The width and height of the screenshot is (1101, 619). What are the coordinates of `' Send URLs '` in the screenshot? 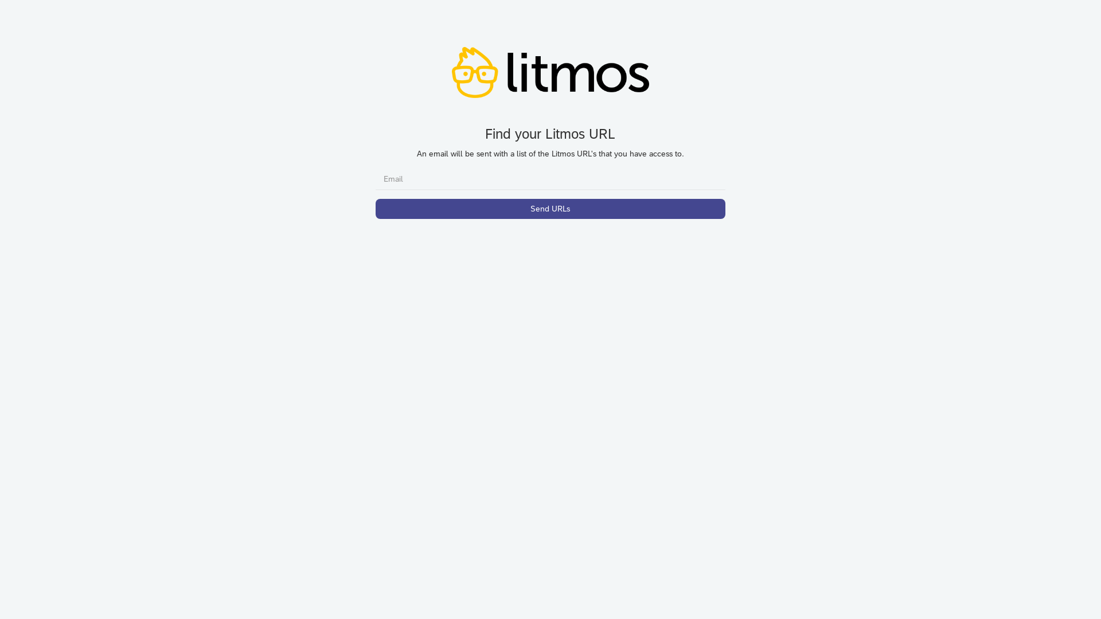 It's located at (550, 209).